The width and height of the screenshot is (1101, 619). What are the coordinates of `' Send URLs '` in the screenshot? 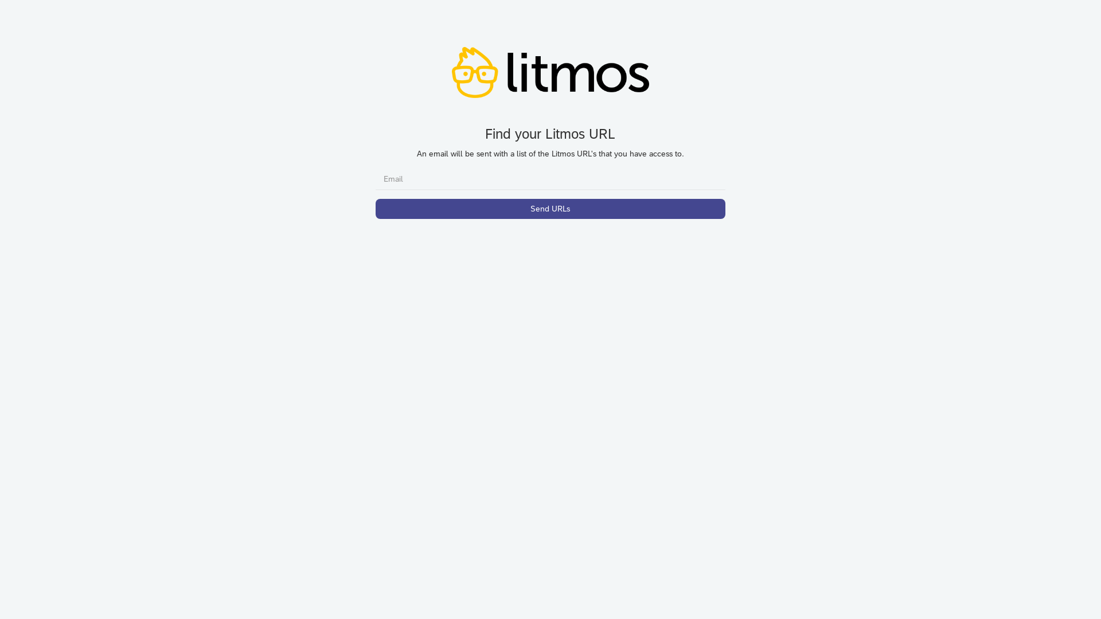 It's located at (550, 209).